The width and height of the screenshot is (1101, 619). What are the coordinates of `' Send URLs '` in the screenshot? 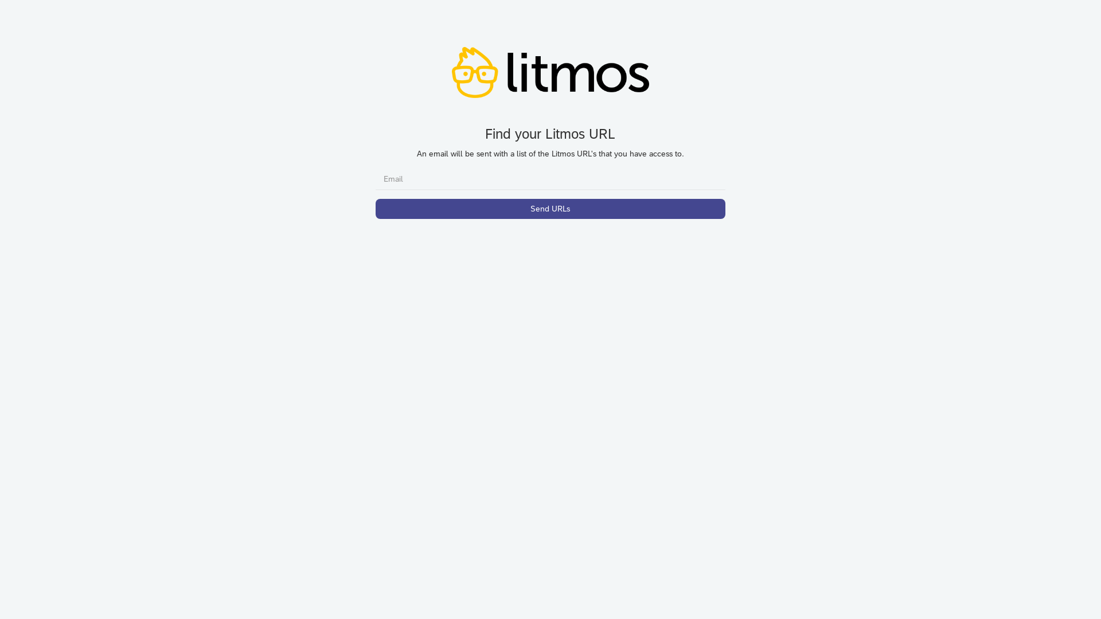 It's located at (550, 209).